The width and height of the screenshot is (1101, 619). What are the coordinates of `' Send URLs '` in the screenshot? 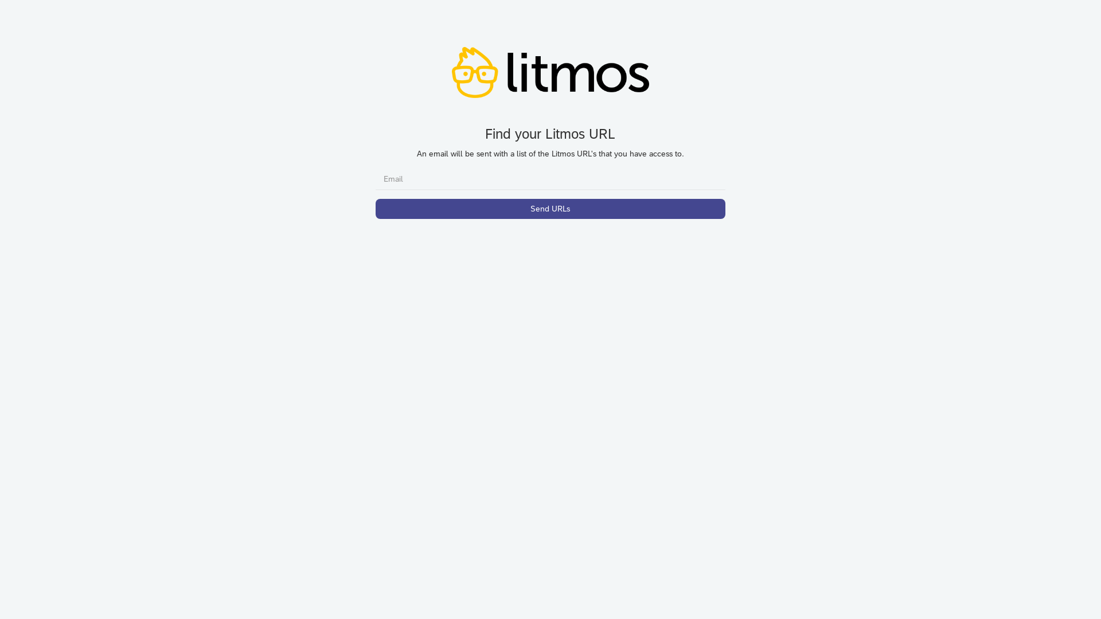 It's located at (550, 209).